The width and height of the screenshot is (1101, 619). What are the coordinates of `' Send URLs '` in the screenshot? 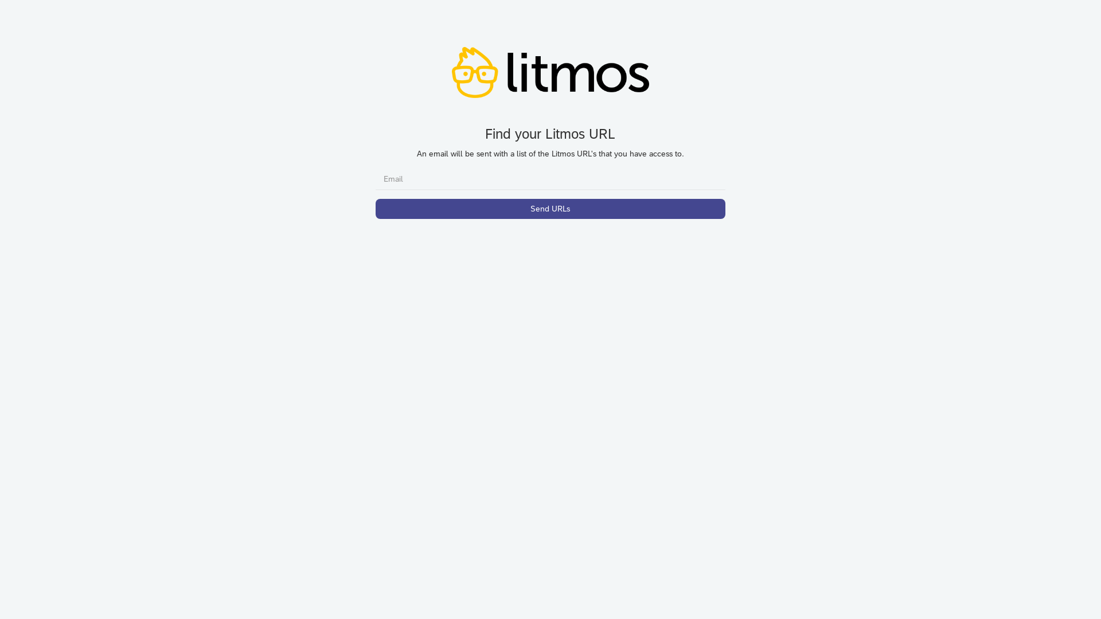 It's located at (550, 209).